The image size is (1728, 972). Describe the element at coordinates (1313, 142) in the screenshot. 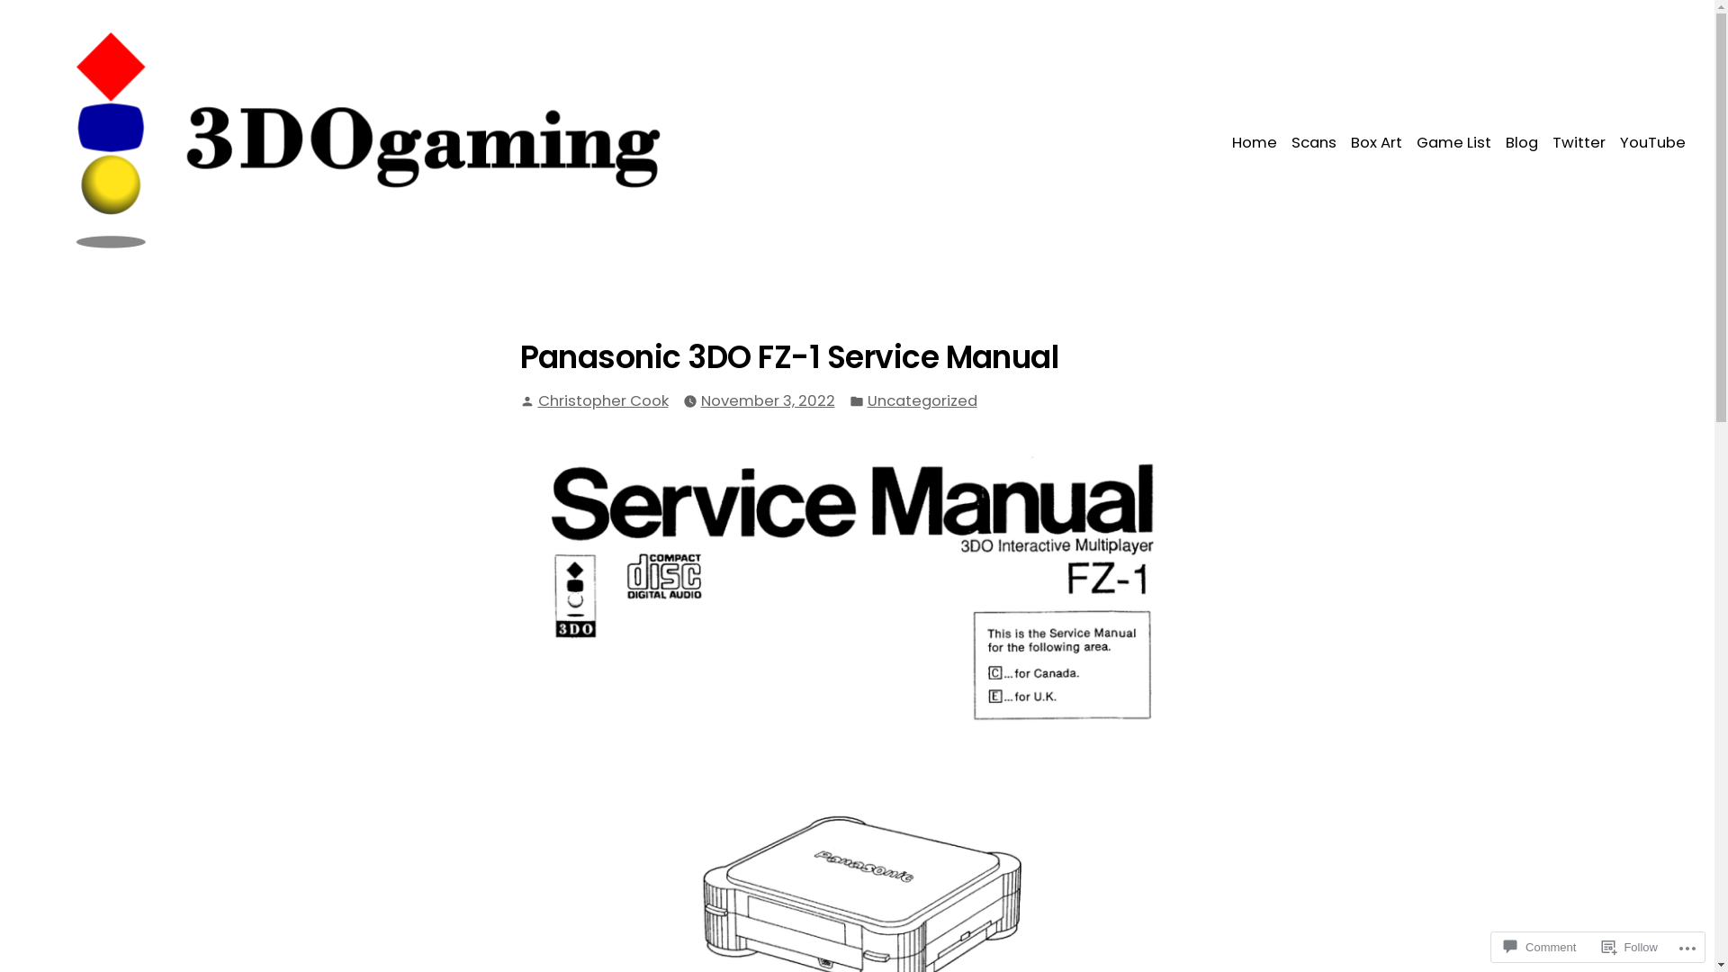

I see `'Scans'` at that location.